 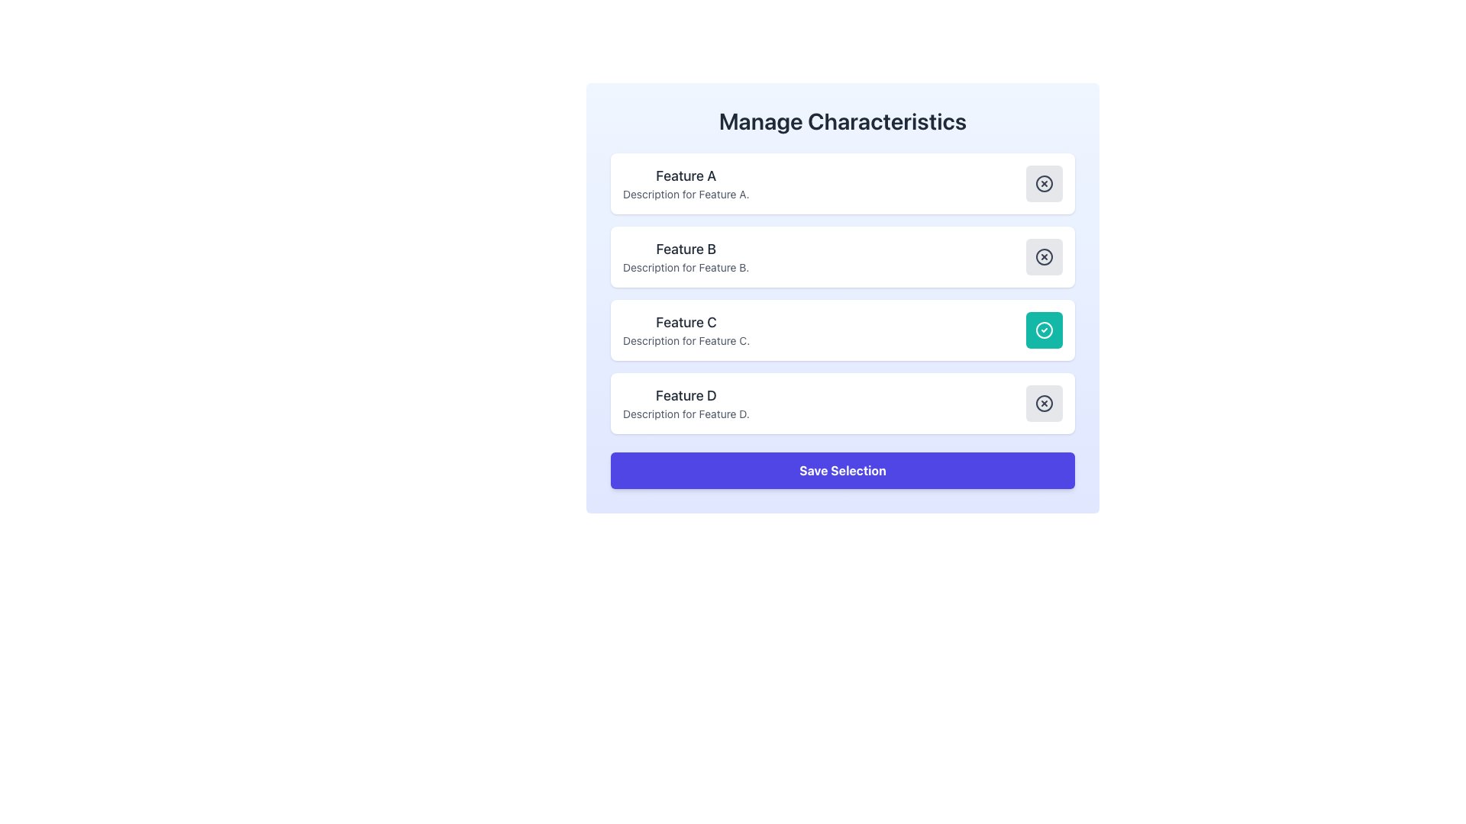 I want to click on the text label providing additional descriptive information related to 'Feature A', positioned below the text 'Feature A' in the list under 'Manage Characteristics', so click(x=685, y=193).